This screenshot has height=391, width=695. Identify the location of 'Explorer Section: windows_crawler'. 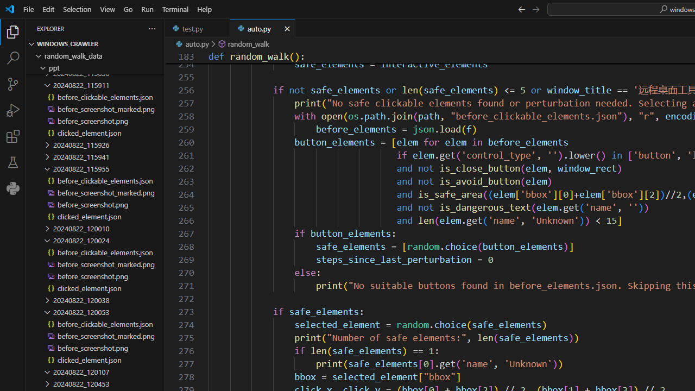
(96, 43).